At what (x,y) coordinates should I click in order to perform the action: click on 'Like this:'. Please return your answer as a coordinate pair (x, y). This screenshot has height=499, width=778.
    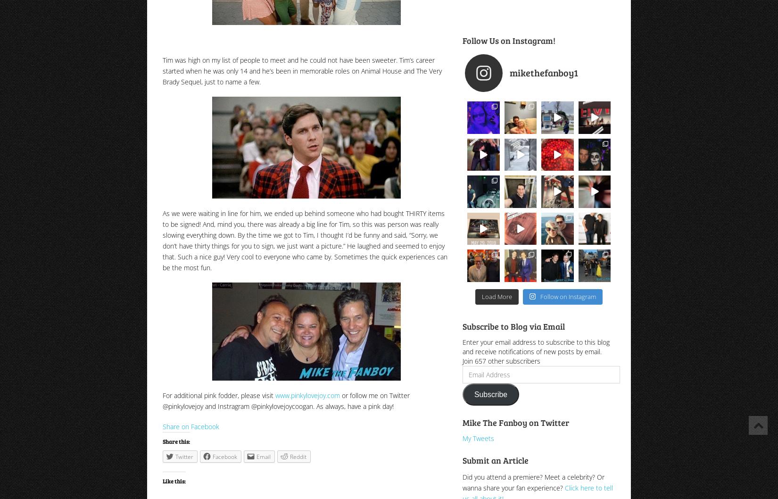
    Looking at the image, I should click on (163, 481).